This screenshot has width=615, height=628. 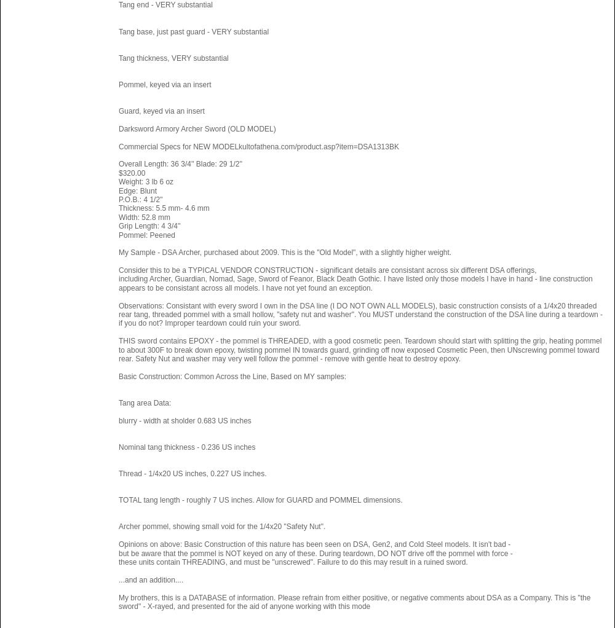 What do you see at coordinates (131, 173) in the screenshot?
I see `'$320.00'` at bounding box center [131, 173].